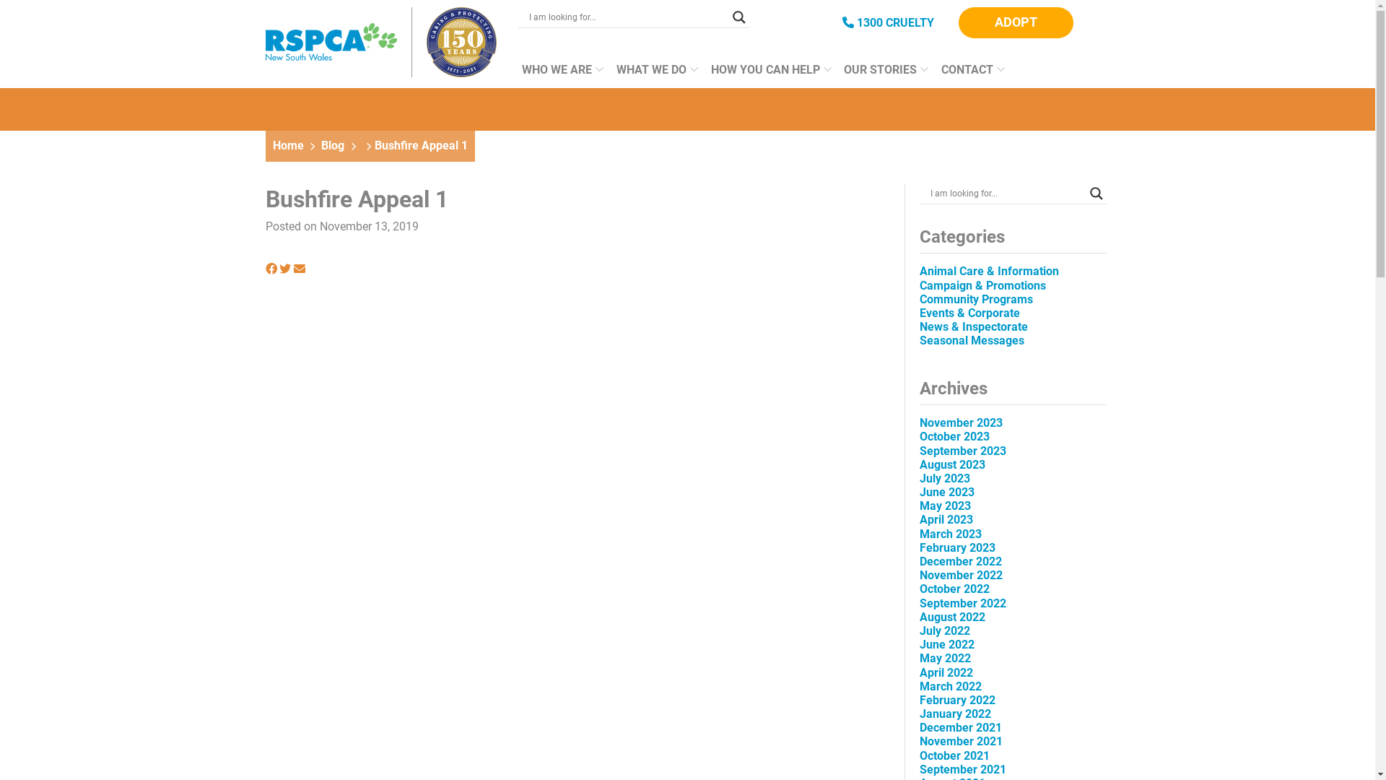  Describe the element at coordinates (918, 491) in the screenshot. I see `'June 2023'` at that location.